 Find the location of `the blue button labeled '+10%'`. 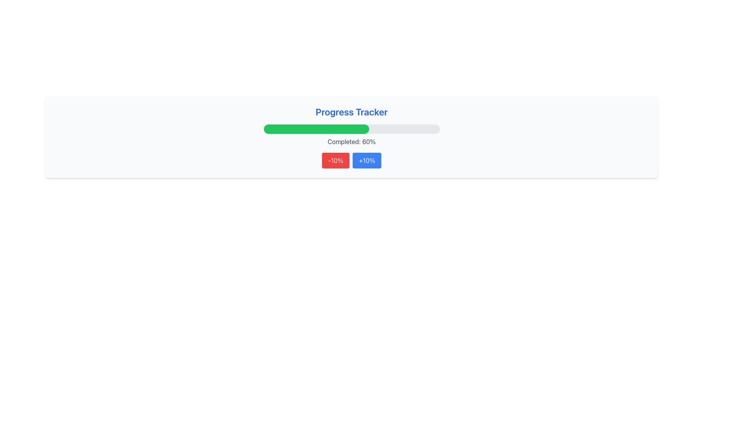

the blue button labeled '+10%' is located at coordinates (366, 160).